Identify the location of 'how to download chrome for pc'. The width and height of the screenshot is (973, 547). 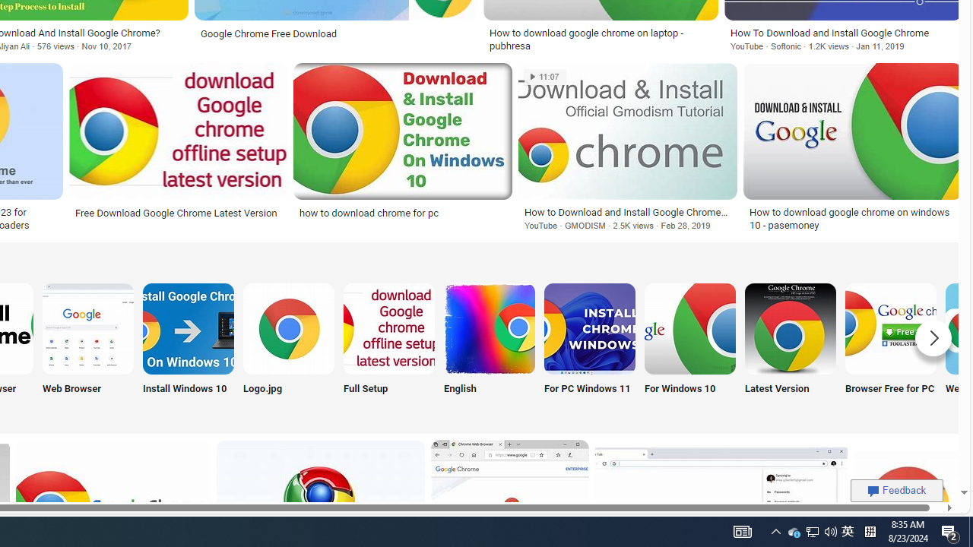
(402, 212).